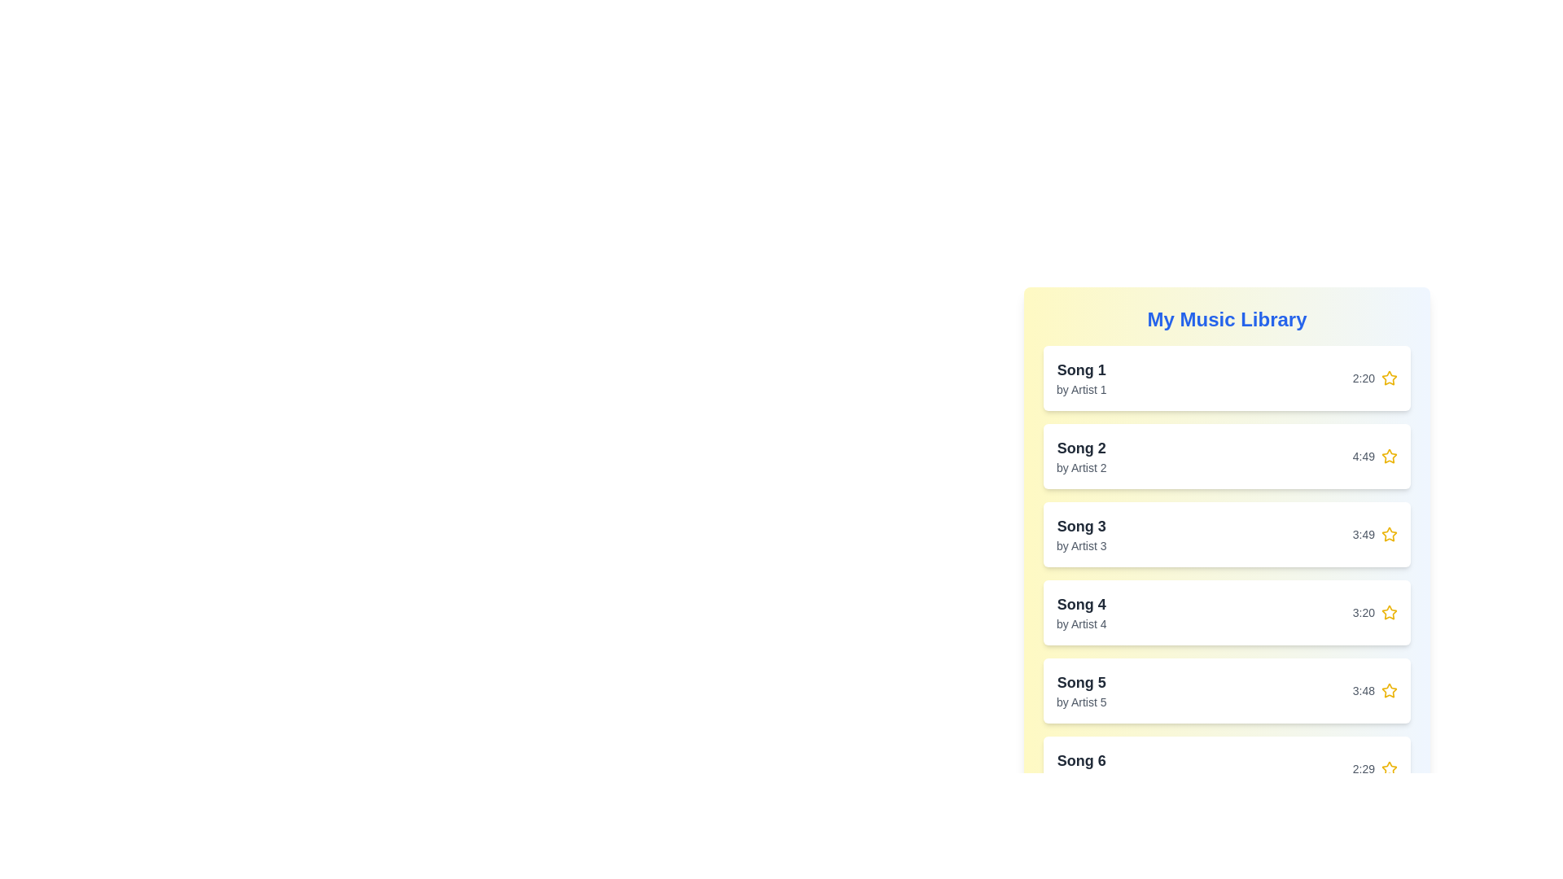 The height and width of the screenshot is (879, 1563). I want to click on the title text display of 'Song 5', so click(1081, 683).